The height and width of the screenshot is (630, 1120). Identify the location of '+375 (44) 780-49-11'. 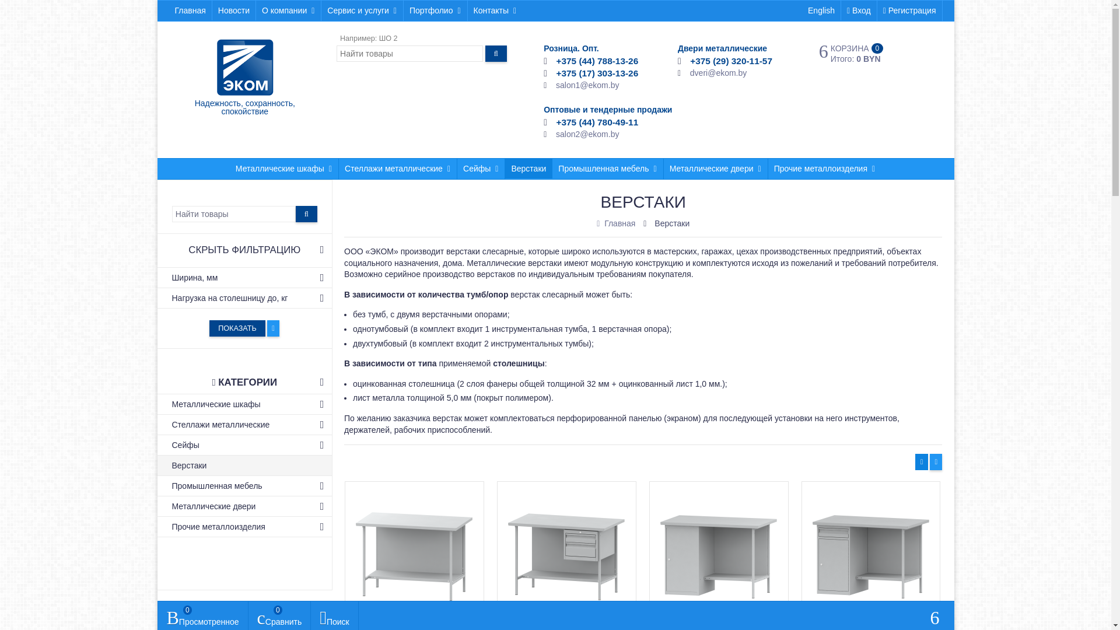
(555, 122).